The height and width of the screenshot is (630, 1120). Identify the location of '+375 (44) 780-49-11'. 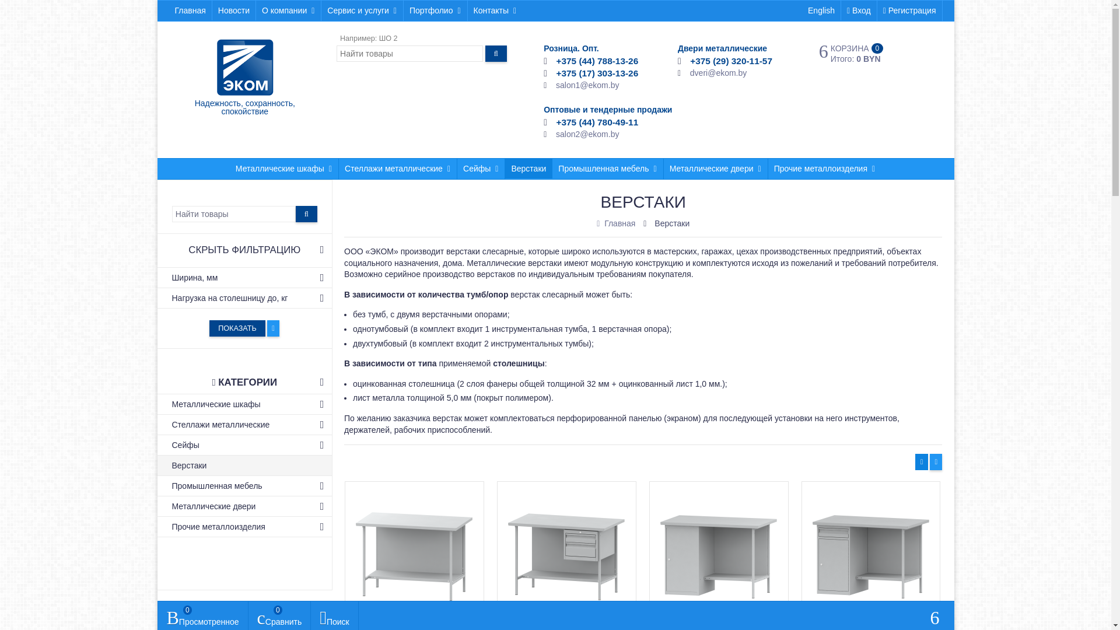
(555, 122).